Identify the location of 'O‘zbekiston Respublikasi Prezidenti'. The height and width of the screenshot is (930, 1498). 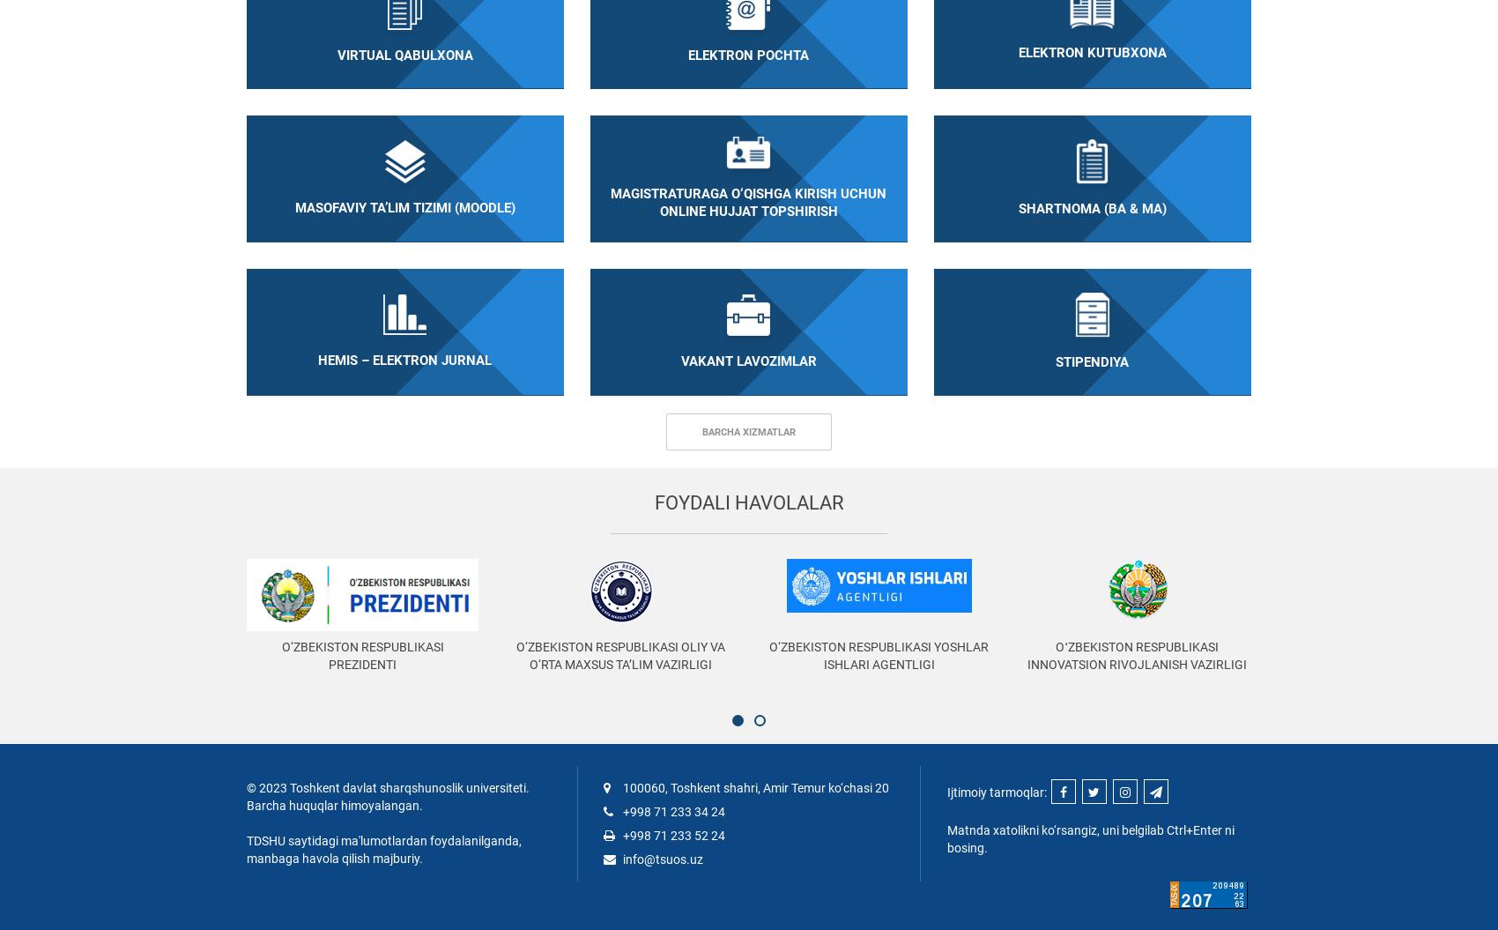
(361, 655).